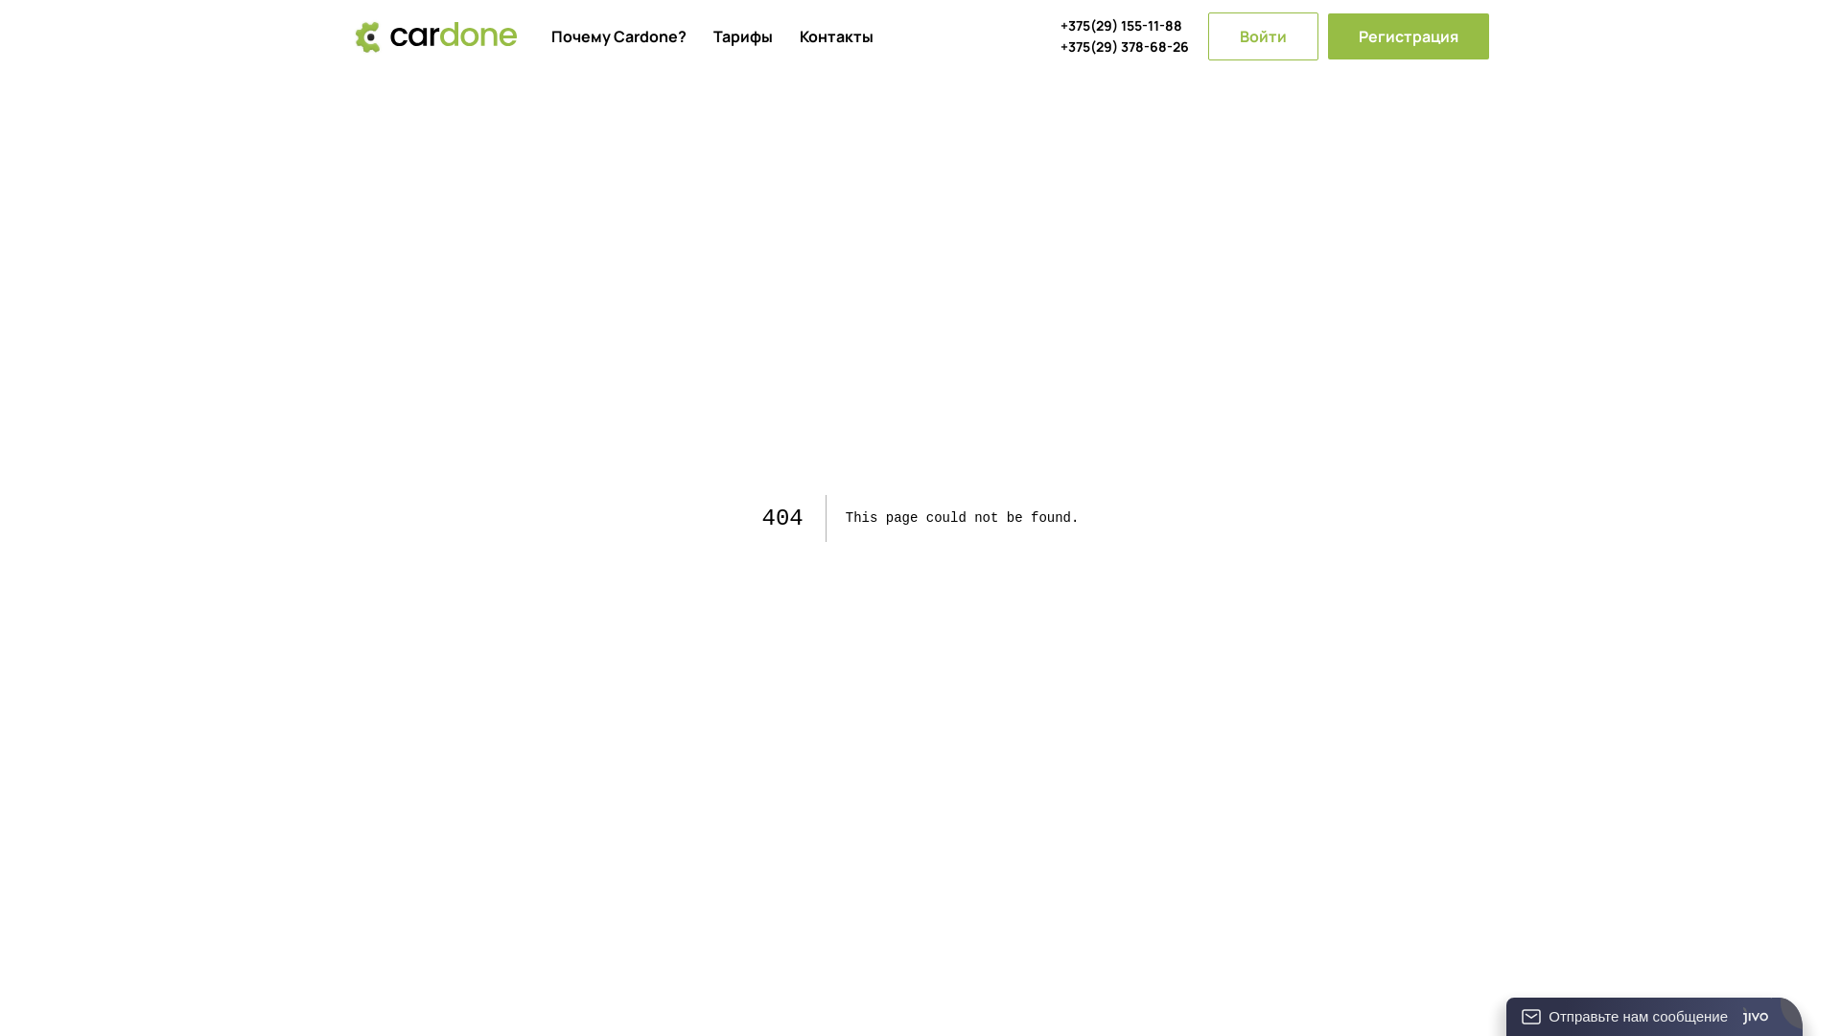 The width and height of the screenshot is (1841, 1036). I want to click on '+375(29) 378-68-26', so click(1124, 46).